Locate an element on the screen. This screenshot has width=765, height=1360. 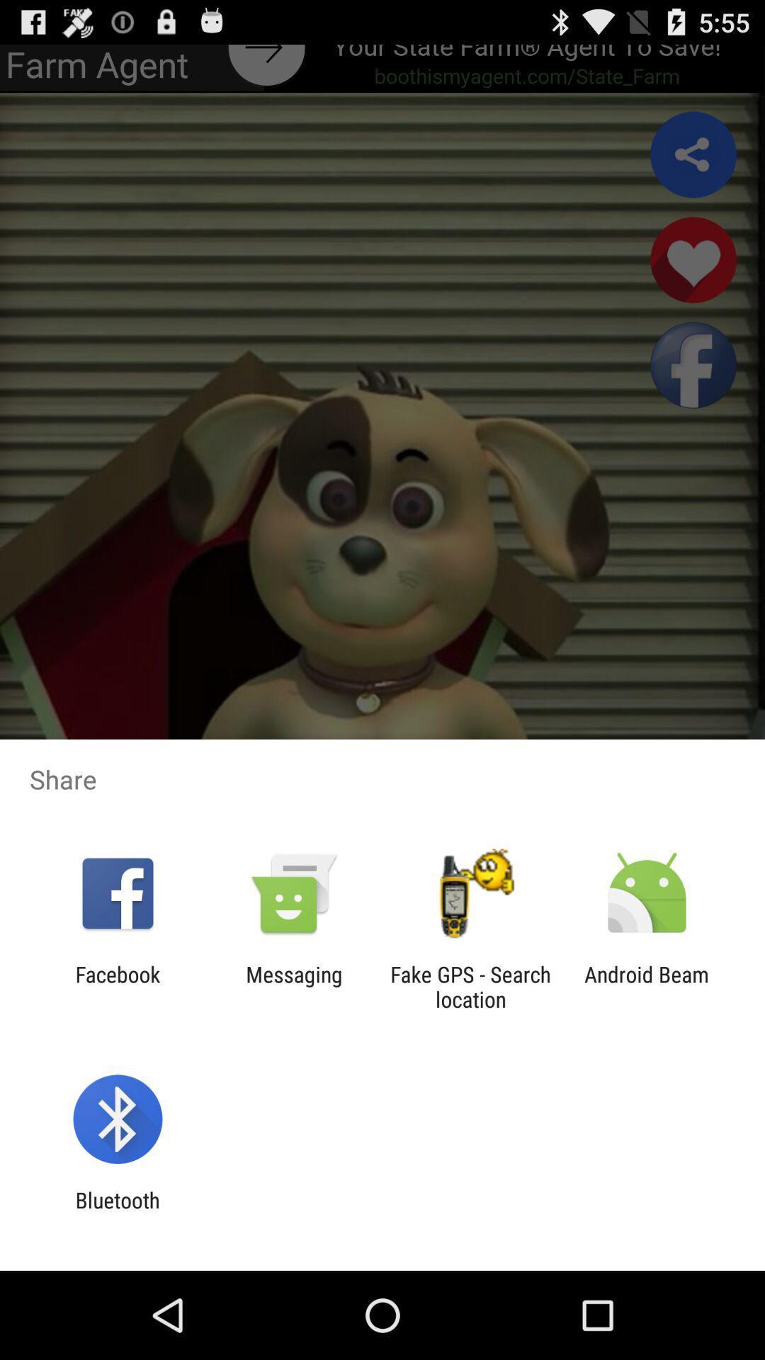
the app next to the android beam is located at coordinates (470, 986).